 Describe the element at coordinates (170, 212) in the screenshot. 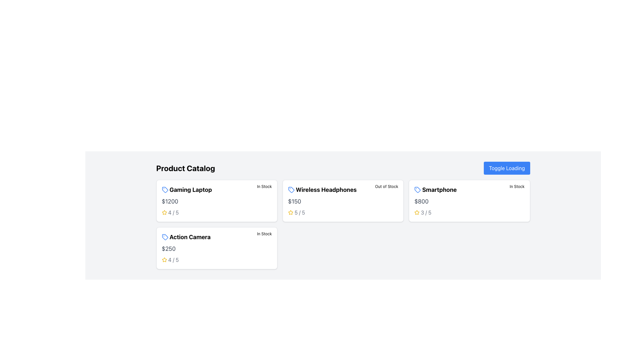

I see `the rating display element, which shows a score in the format '4 / 5' with a yellow star icon, located near the bottom-right area of the 'Gaming Laptop' product card` at that location.